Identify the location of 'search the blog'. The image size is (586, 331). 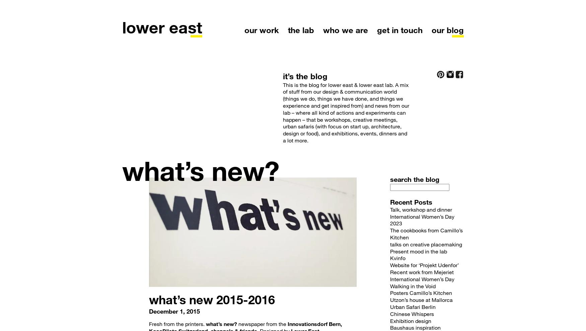
(415, 178).